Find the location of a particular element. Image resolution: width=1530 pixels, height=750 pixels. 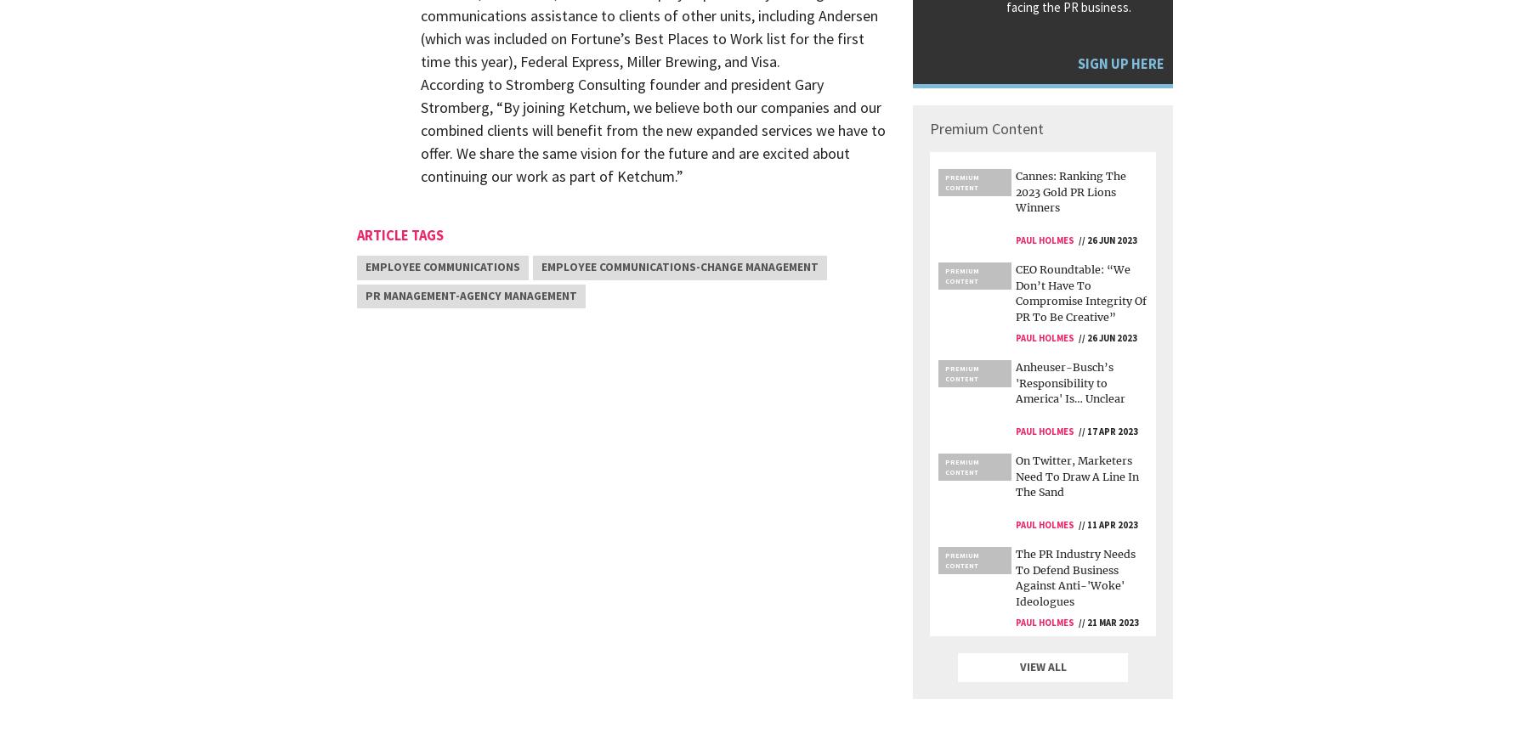

'On Twitter, Marketers Need To Draw A Line In The Sand' is located at coordinates (1077, 476).